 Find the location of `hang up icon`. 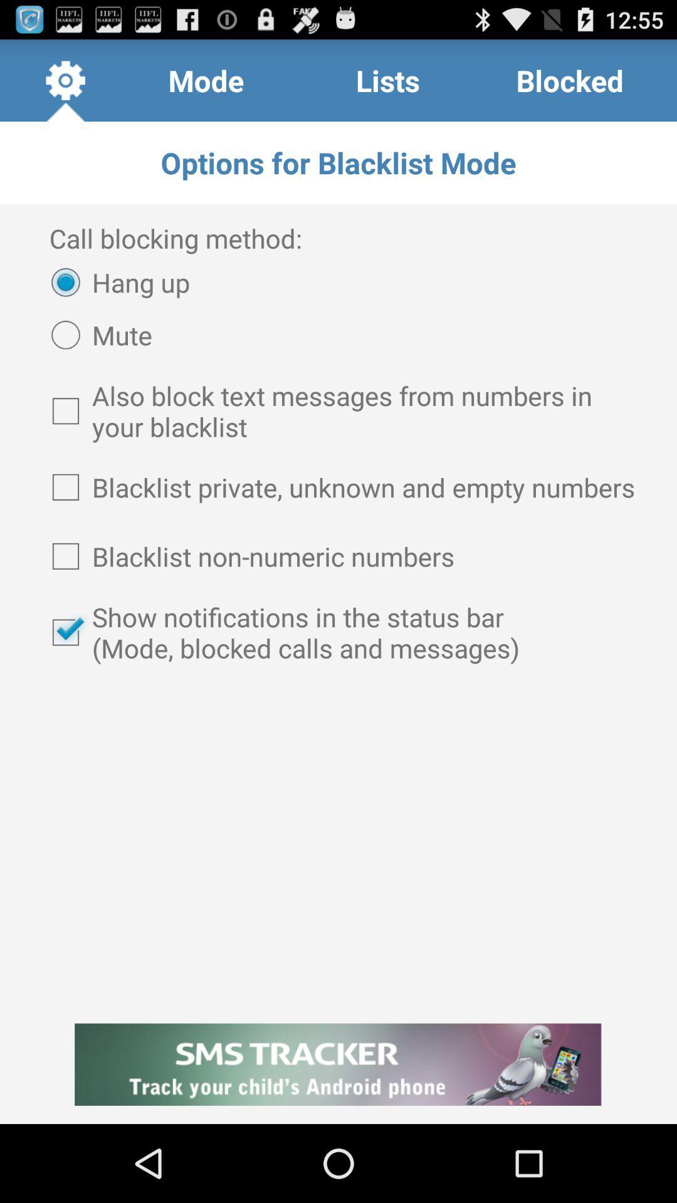

hang up icon is located at coordinates (114, 281).